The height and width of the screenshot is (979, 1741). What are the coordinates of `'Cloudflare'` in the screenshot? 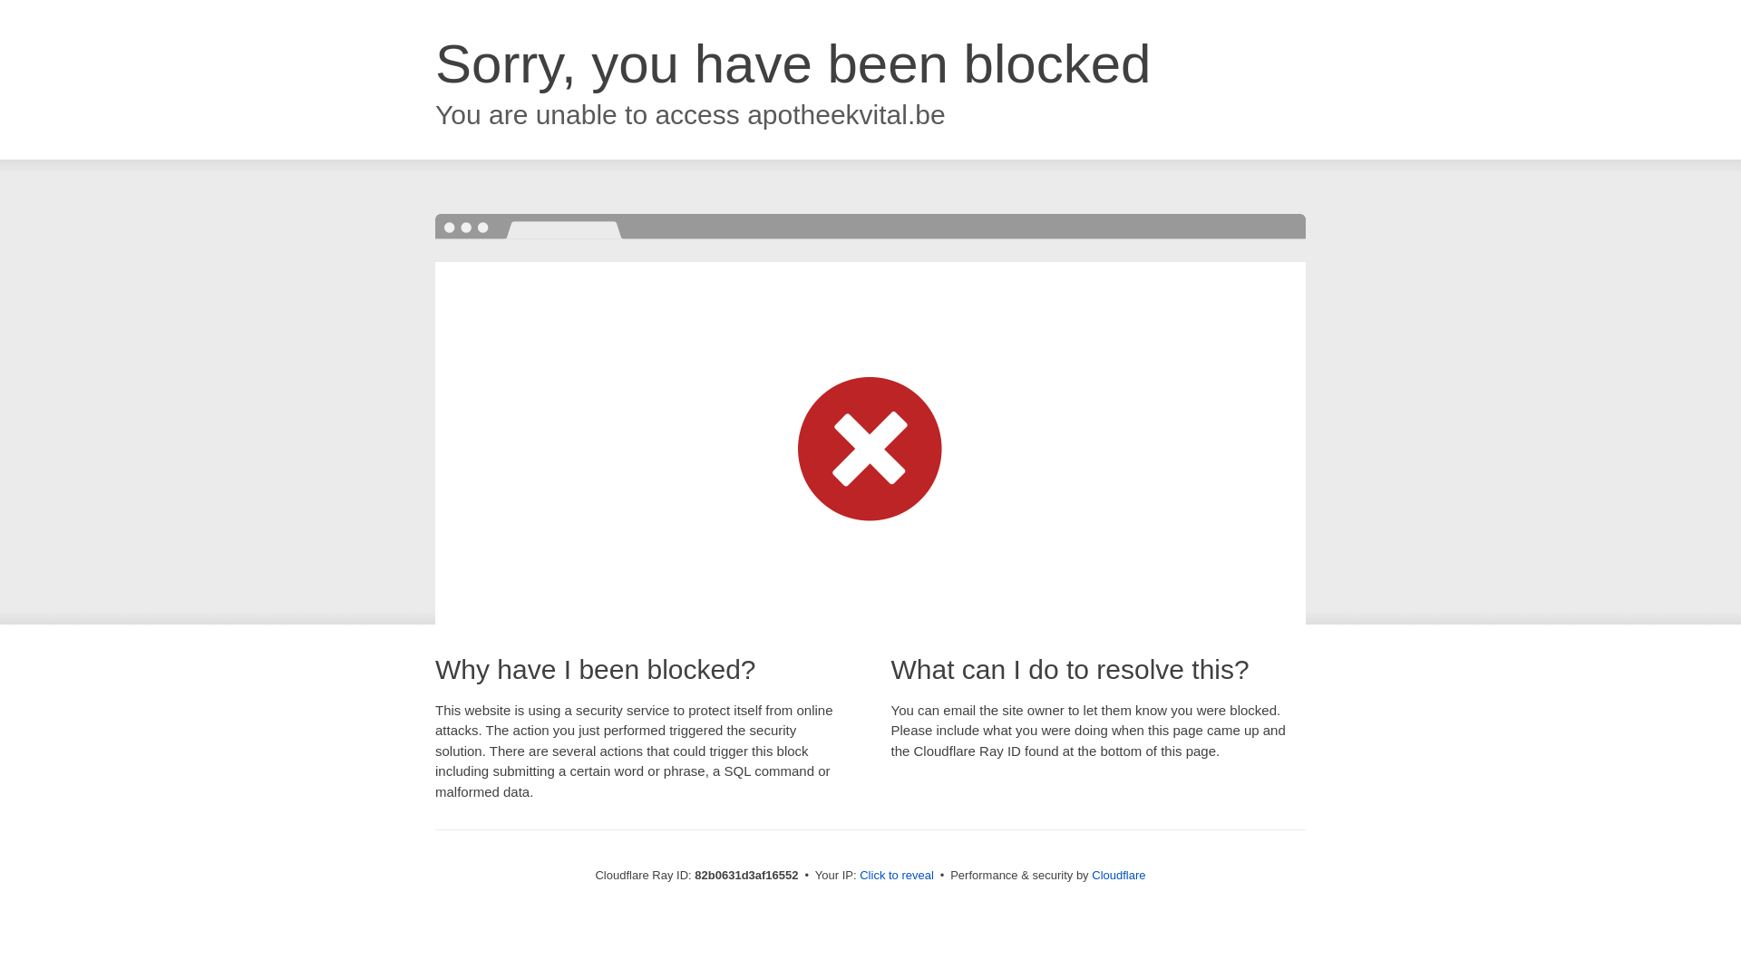 It's located at (1117, 874).